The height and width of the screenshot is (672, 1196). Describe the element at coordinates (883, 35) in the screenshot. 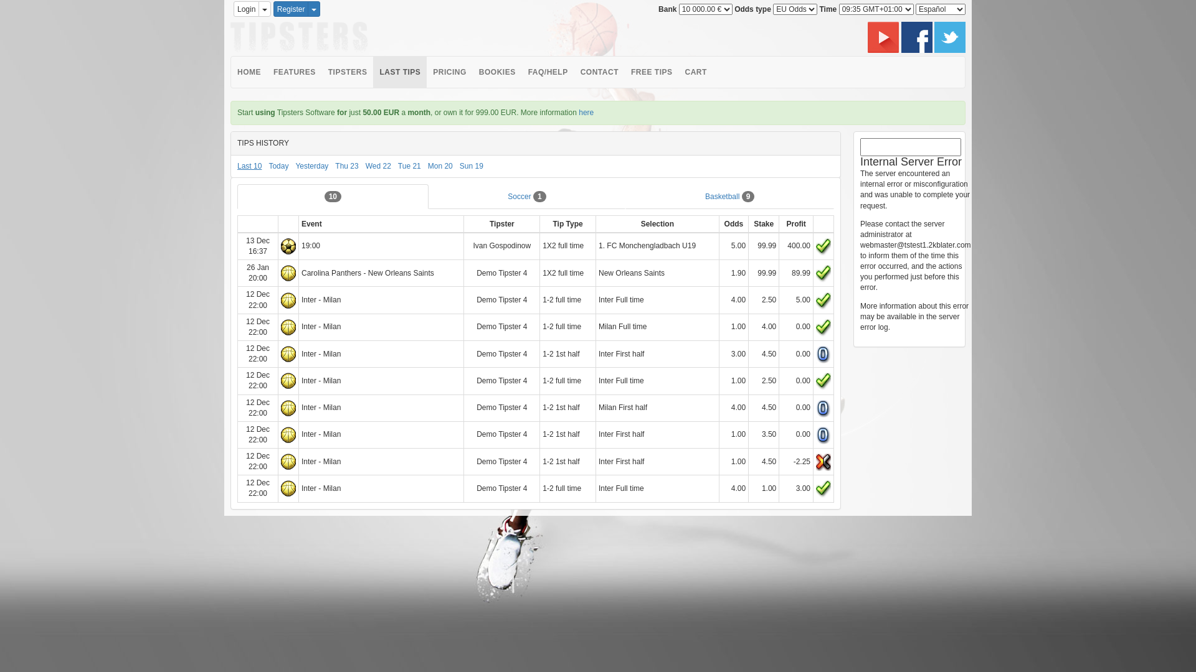

I see `' on YouTube'` at that location.